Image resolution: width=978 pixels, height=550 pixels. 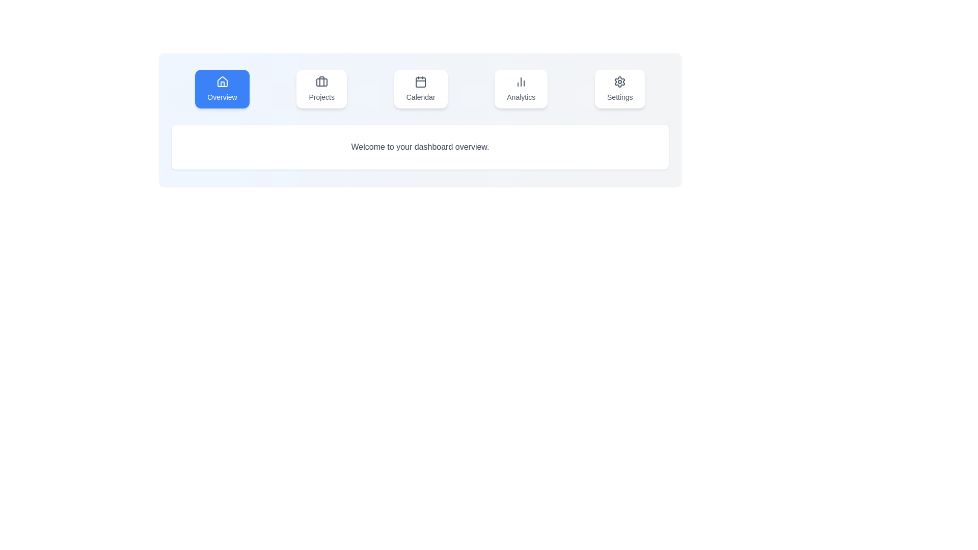 What do you see at coordinates (321, 81) in the screenshot?
I see `the 'Projects' button icon located in the navigation menu, which serves as an indicator for the 'Projects' section` at bounding box center [321, 81].